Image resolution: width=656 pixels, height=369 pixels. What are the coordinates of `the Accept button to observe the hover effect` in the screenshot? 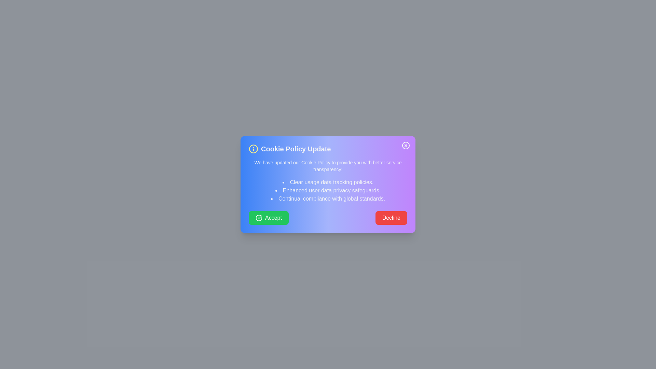 It's located at (268, 218).